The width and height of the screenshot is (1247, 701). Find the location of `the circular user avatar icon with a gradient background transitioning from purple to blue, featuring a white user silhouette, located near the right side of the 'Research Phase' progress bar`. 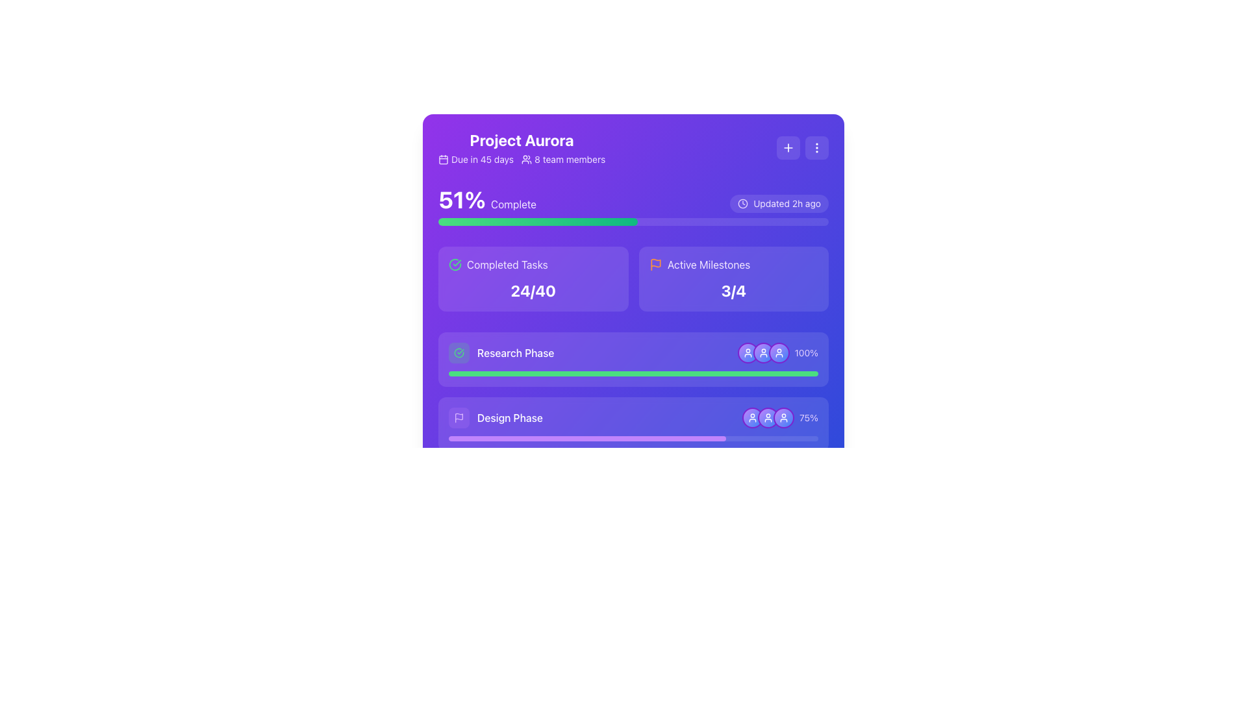

the circular user avatar icon with a gradient background transitioning from purple to blue, featuring a white user silhouette, located near the right side of the 'Research Phase' progress bar is located at coordinates (763, 352).